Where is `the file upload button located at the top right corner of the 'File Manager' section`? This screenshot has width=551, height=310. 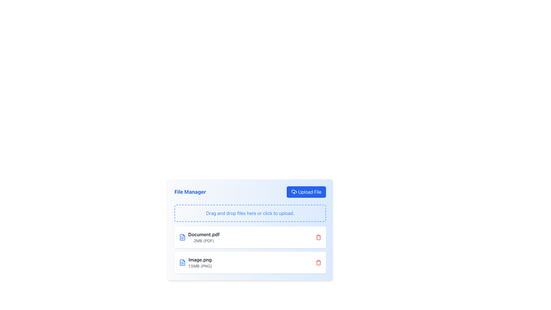
the file upload button located at the top right corner of the 'File Manager' section is located at coordinates (306, 192).